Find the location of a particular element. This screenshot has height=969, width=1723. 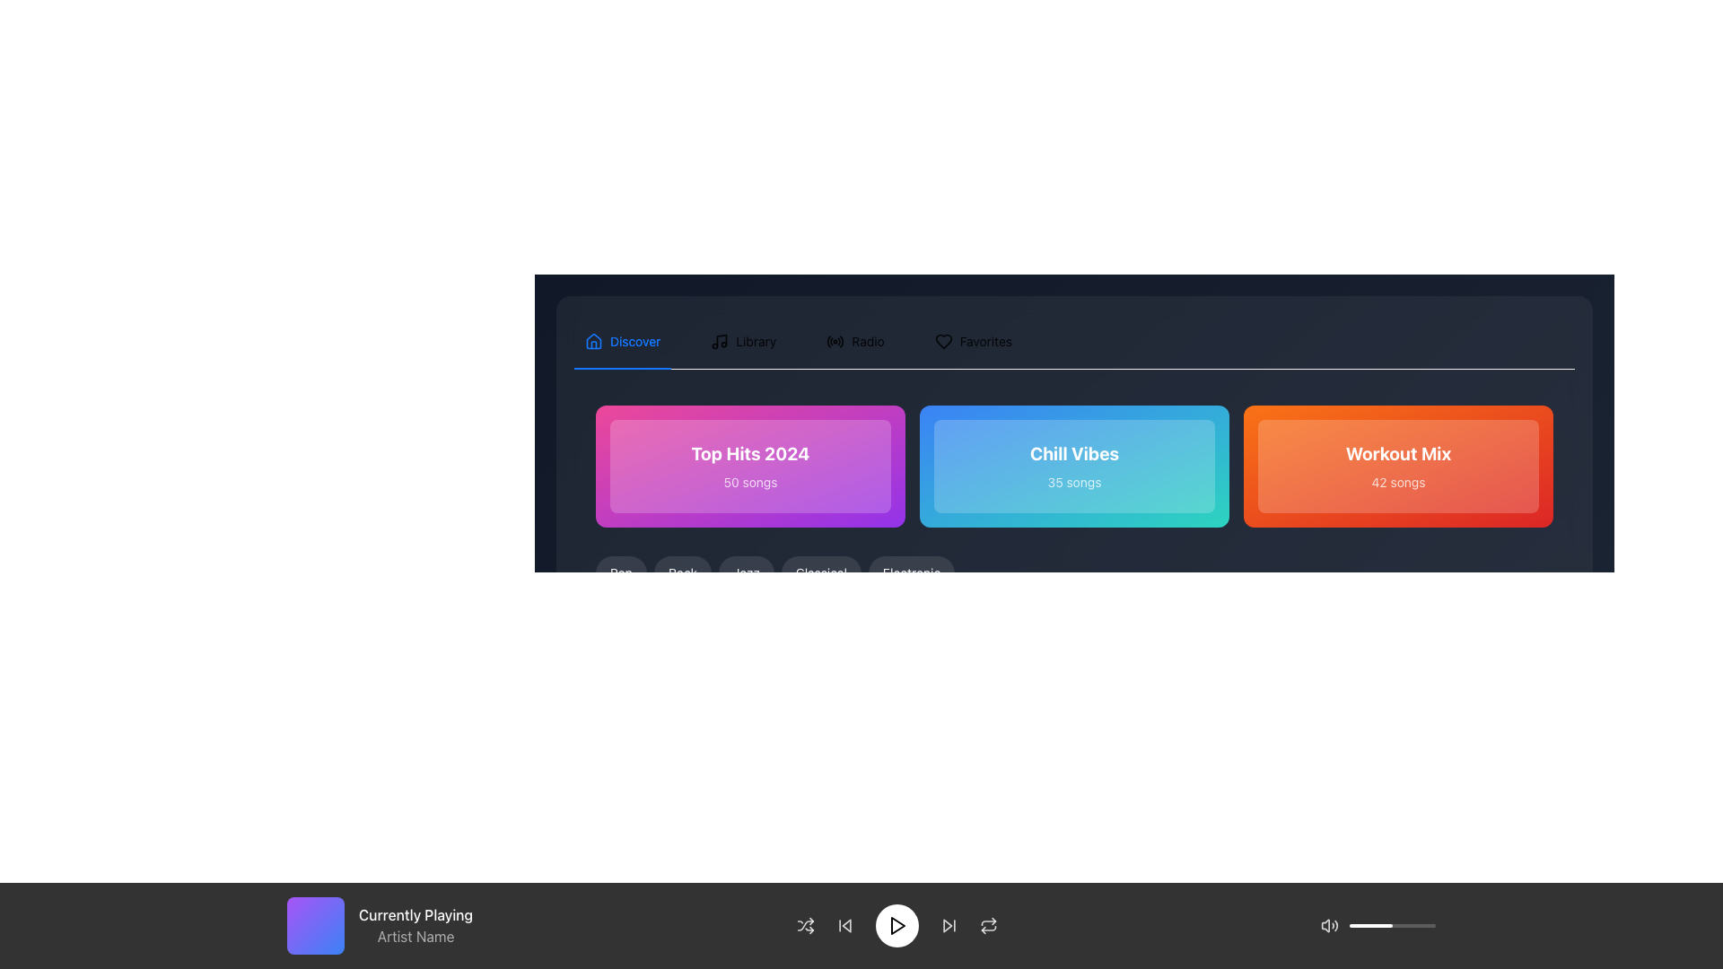

the skip button located on the bottom-right side of the interface within the horizontal control bar, which is the fourth item from the left is located at coordinates (948, 926).